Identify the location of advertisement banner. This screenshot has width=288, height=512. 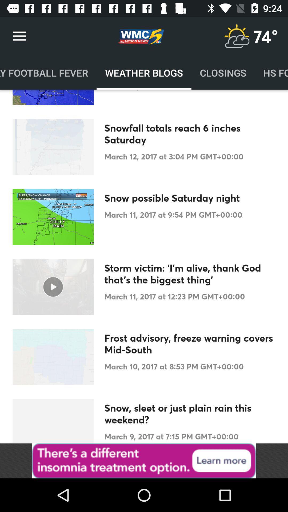
(144, 461).